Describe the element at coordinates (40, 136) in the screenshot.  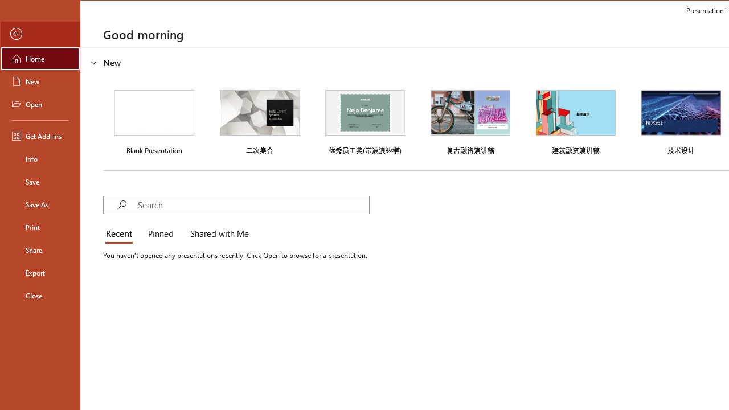
I see `'Get Add-ins'` at that location.